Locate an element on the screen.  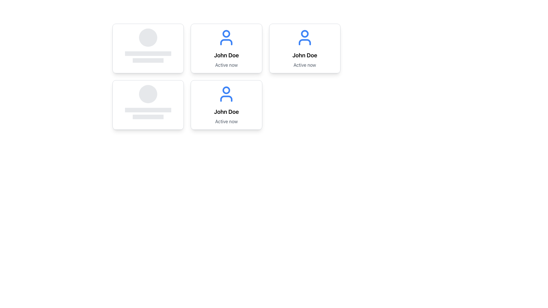
the static text label displaying 'Active now.' located below 'John Doe' in the card interface is located at coordinates (226, 121).